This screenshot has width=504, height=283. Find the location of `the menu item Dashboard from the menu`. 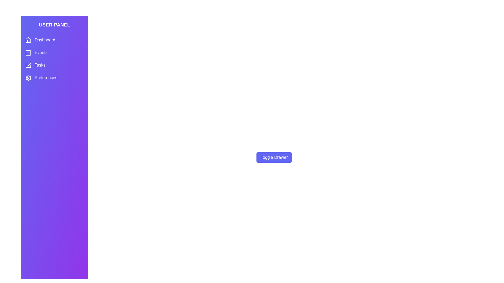

the menu item Dashboard from the menu is located at coordinates (54, 40).